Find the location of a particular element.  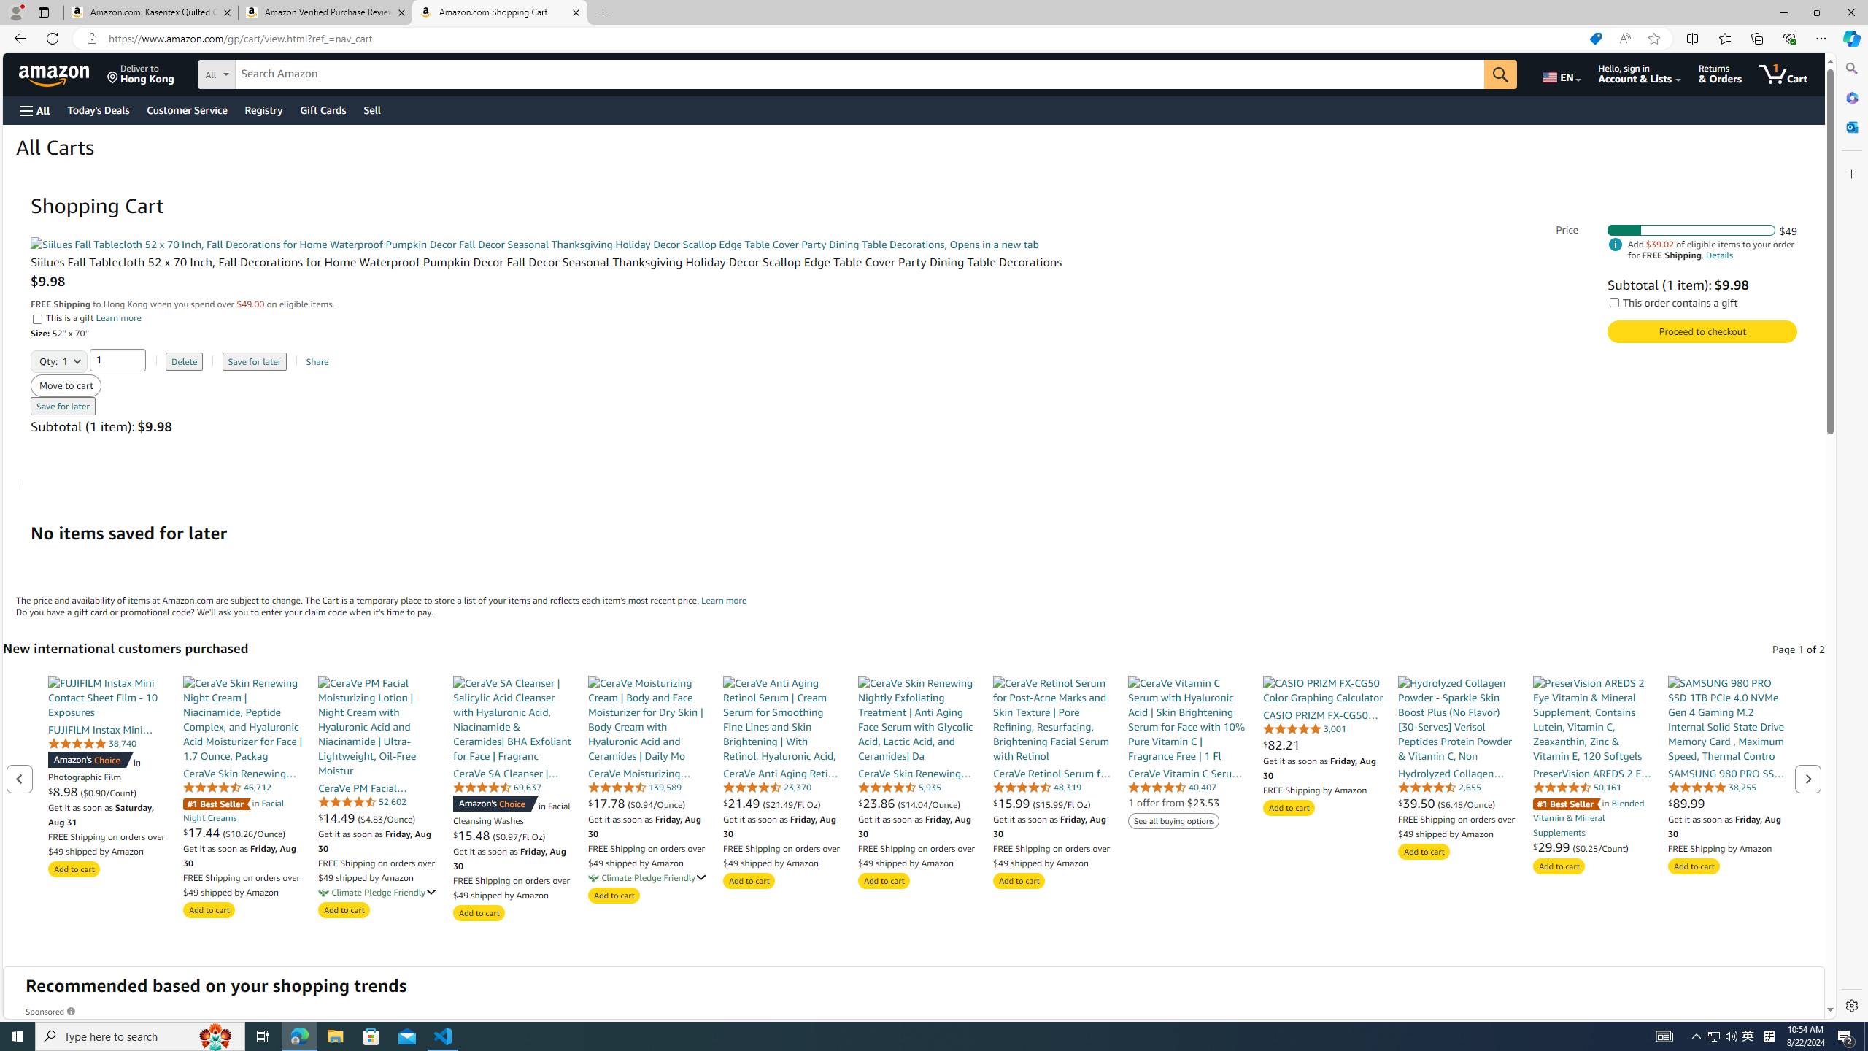

'Open Menu' is located at coordinates (34, 109).